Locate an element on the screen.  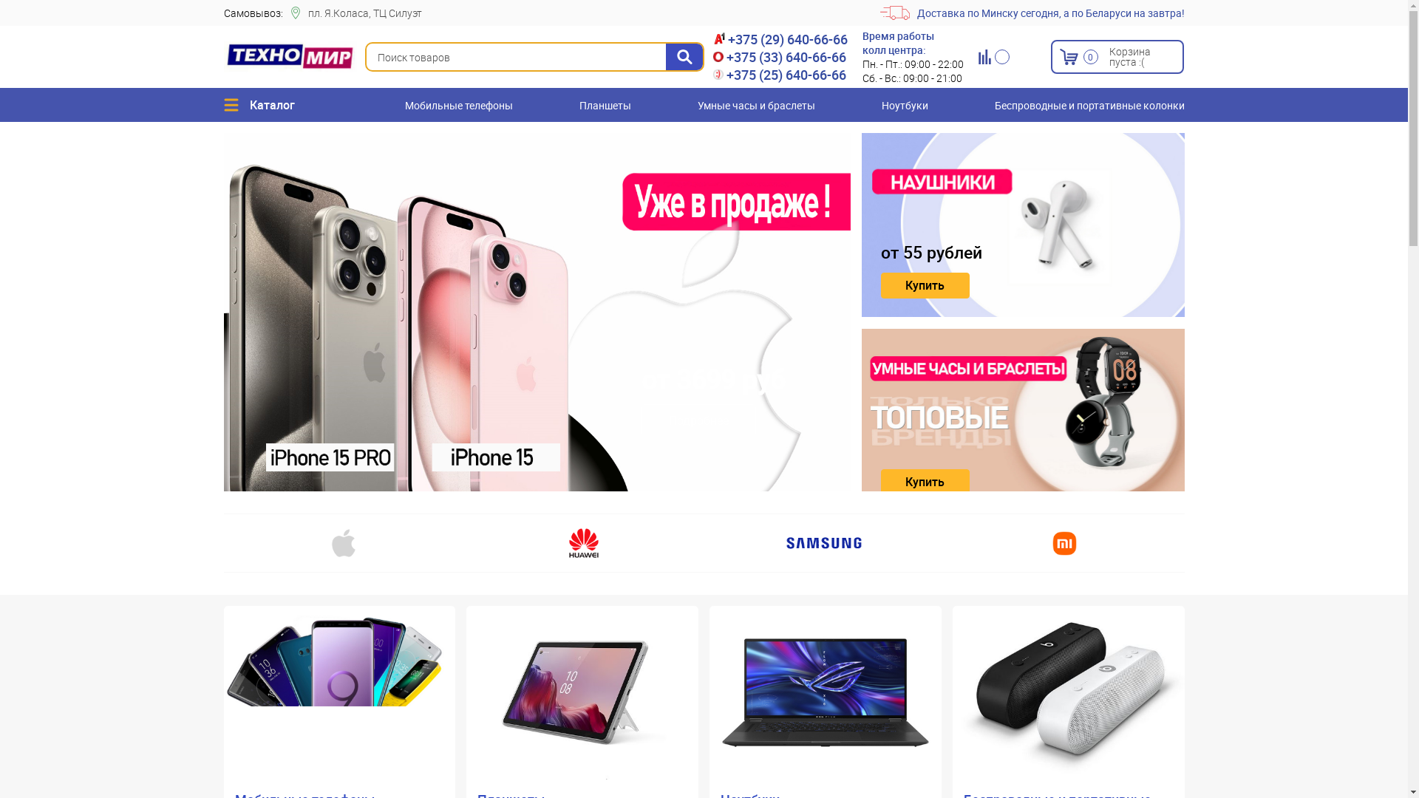
'+375 (25) 640-66-66' is located at coordinates (780, 74).